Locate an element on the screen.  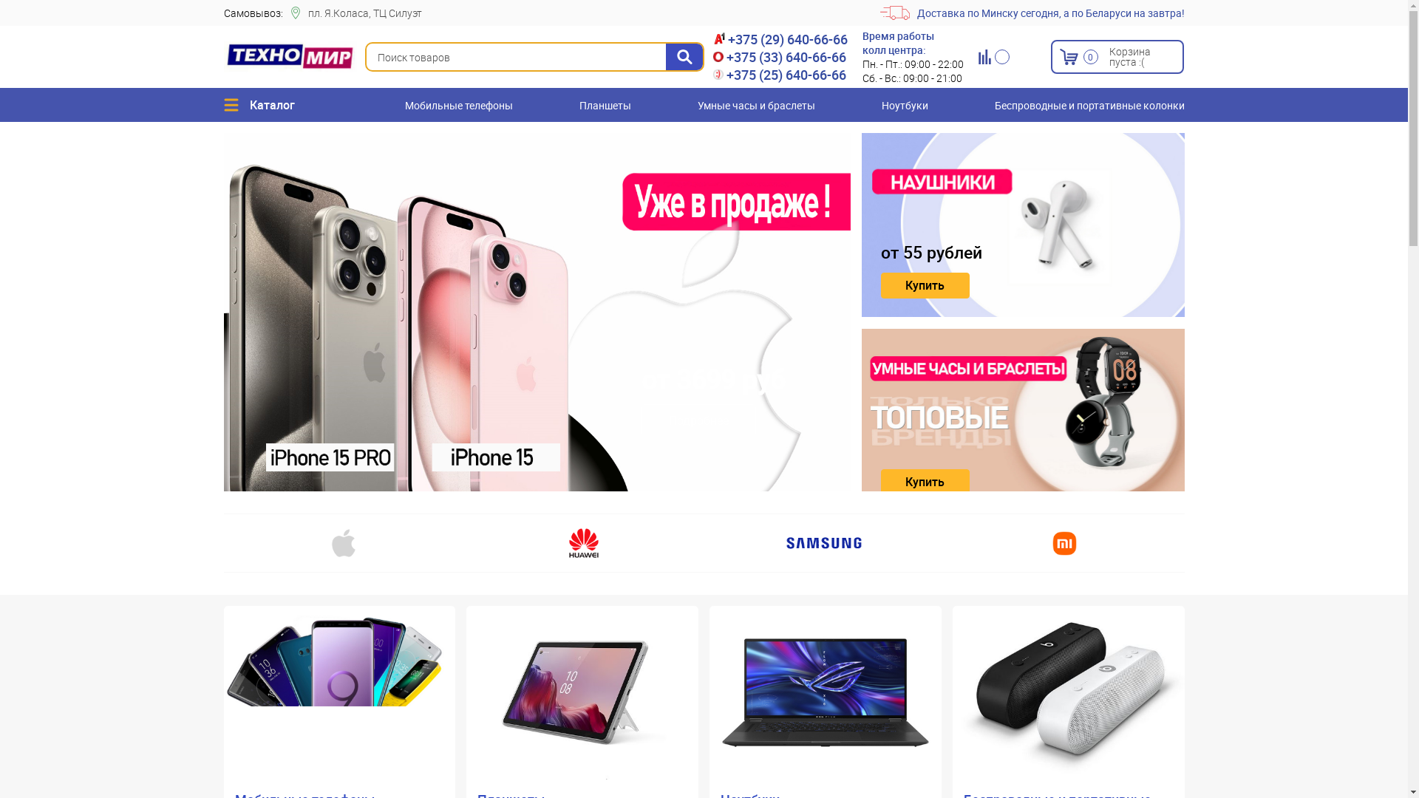
'+375 (25) 640-66-66' is located at coordinates (780, 74).